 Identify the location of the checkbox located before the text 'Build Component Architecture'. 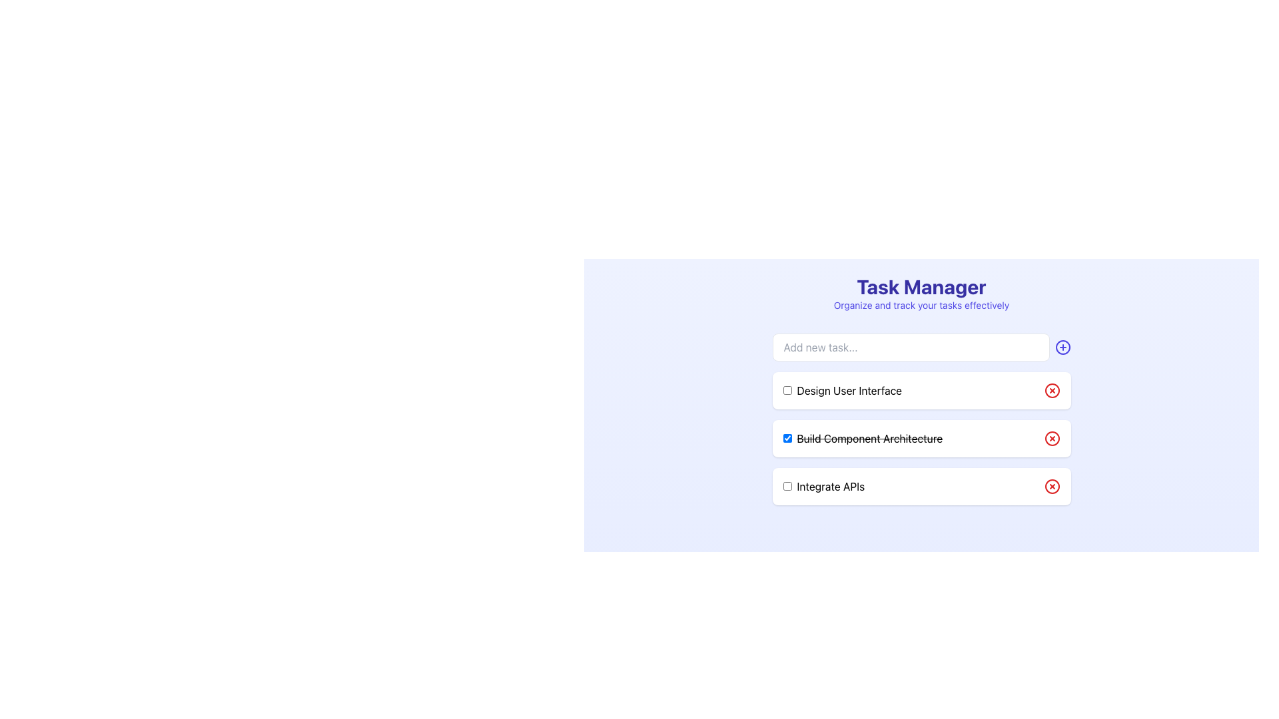
(787, 438).